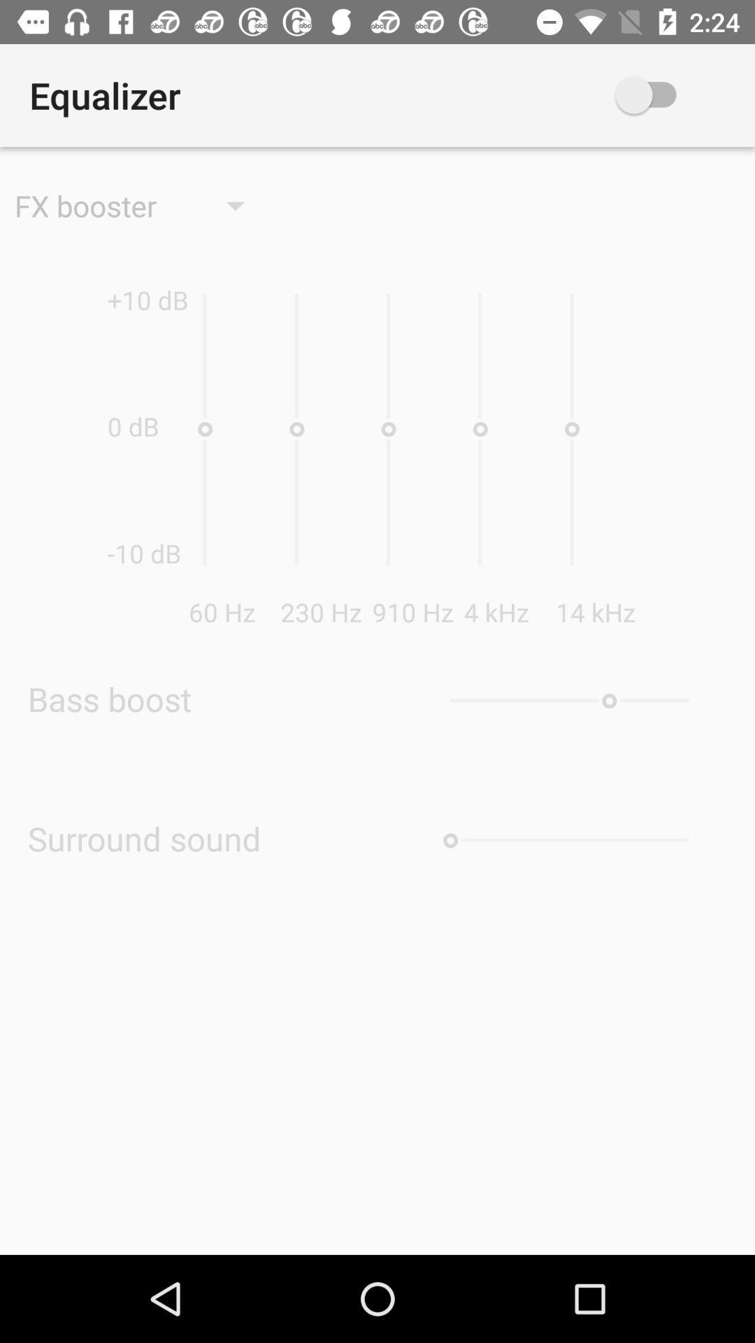  Describe the element at coordinates (666, 94) in the screenshot. I see `the app above the 14 khz` at that location.